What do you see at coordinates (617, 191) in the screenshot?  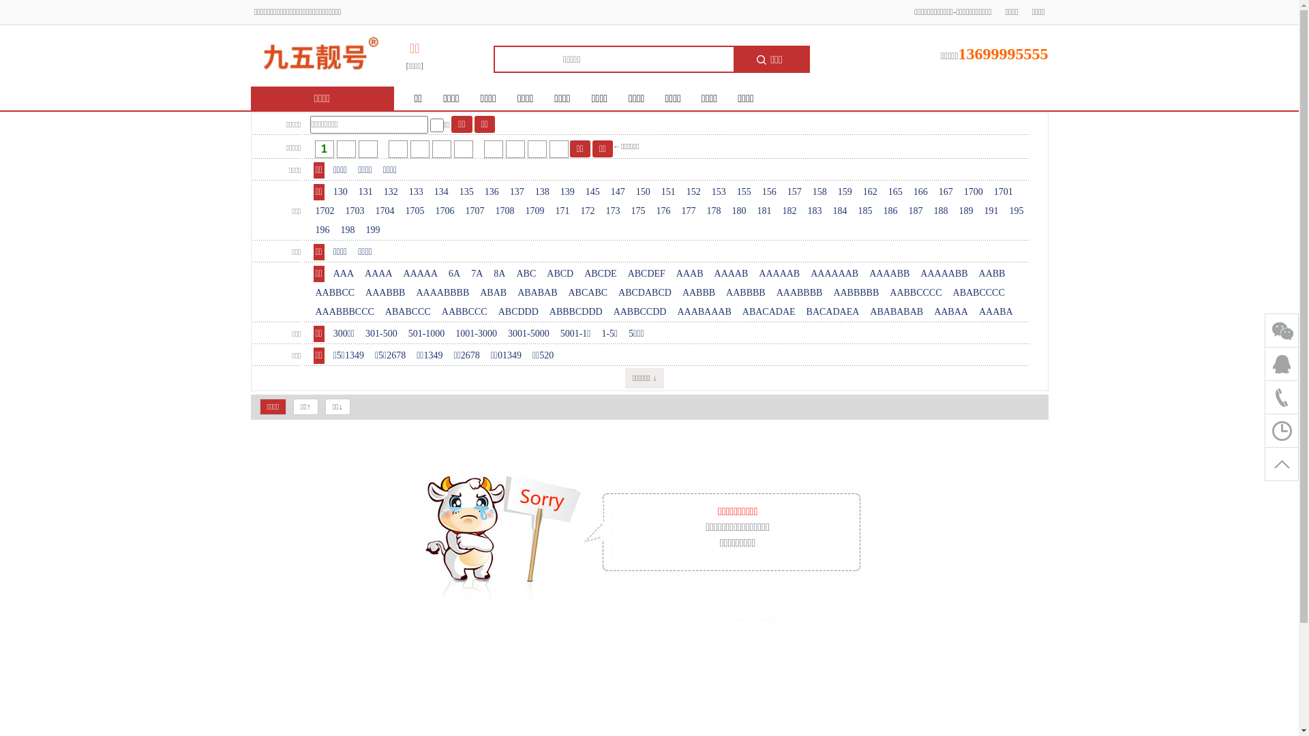 I see `'147'` at bounding box center [617, 191].